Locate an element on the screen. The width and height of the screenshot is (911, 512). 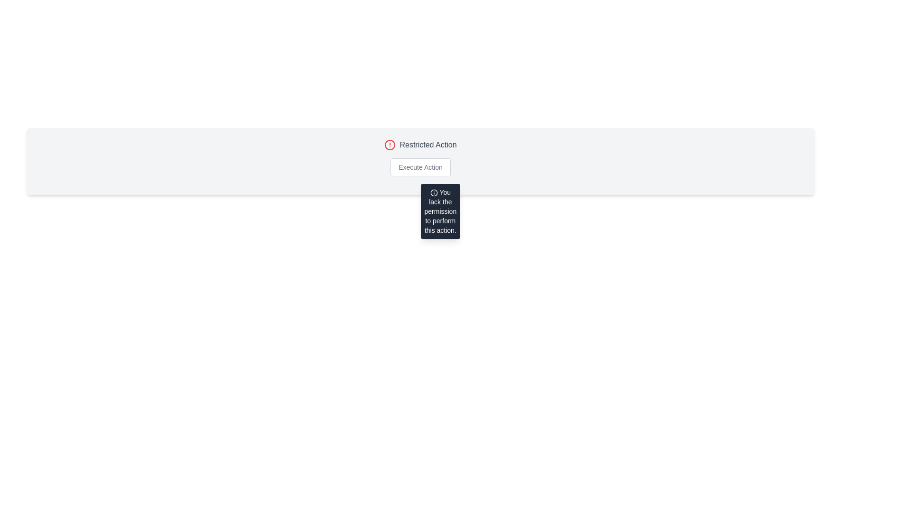
the text label displaying 'Restricted Action' is located at coordinates (428, 145).